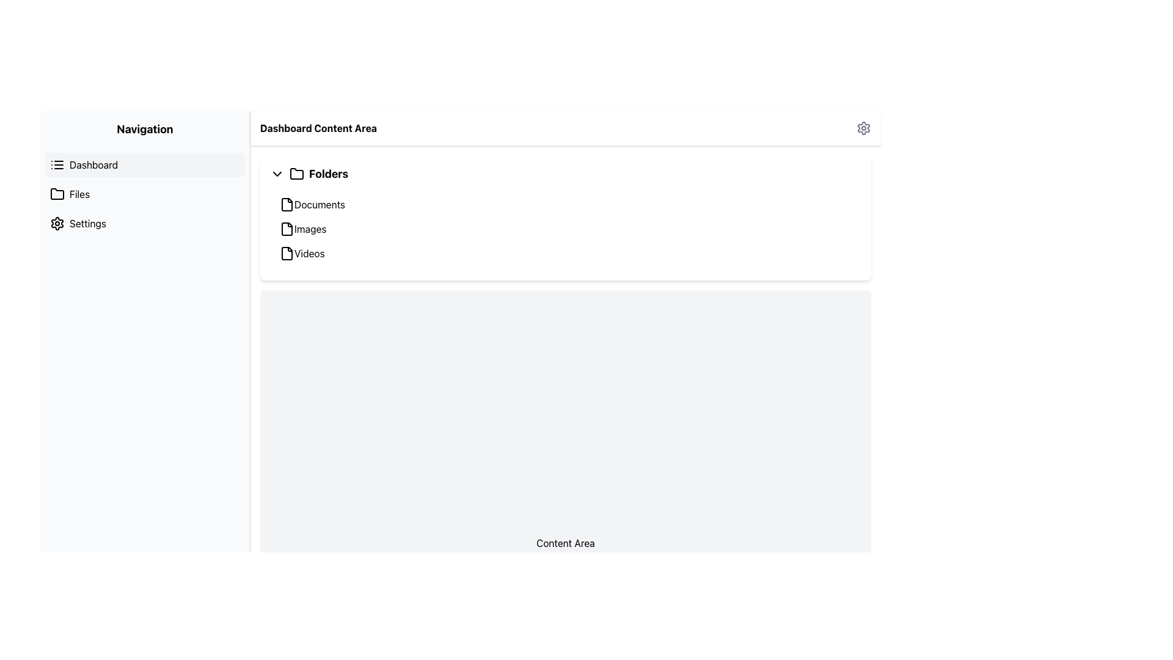 The height and width of the screenshot is (660, 1173). What do you see at coordinates (57, 224) in the screenshot?
I see `the settings icon located in the sidebar navigation under the label 'Navigation' and below the central circle` at bounding box center [57, 224].